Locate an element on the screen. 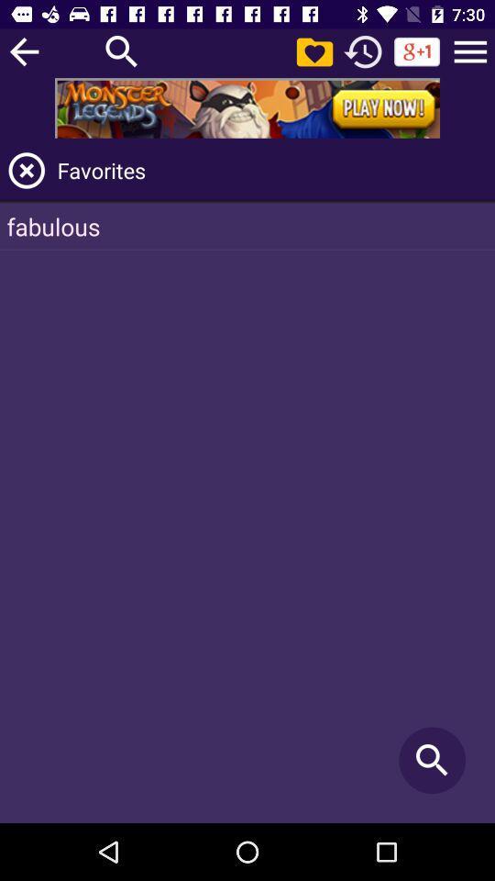 The image size is (495, 881). the item at the bottom right corner is located at coordinates (432, 760).